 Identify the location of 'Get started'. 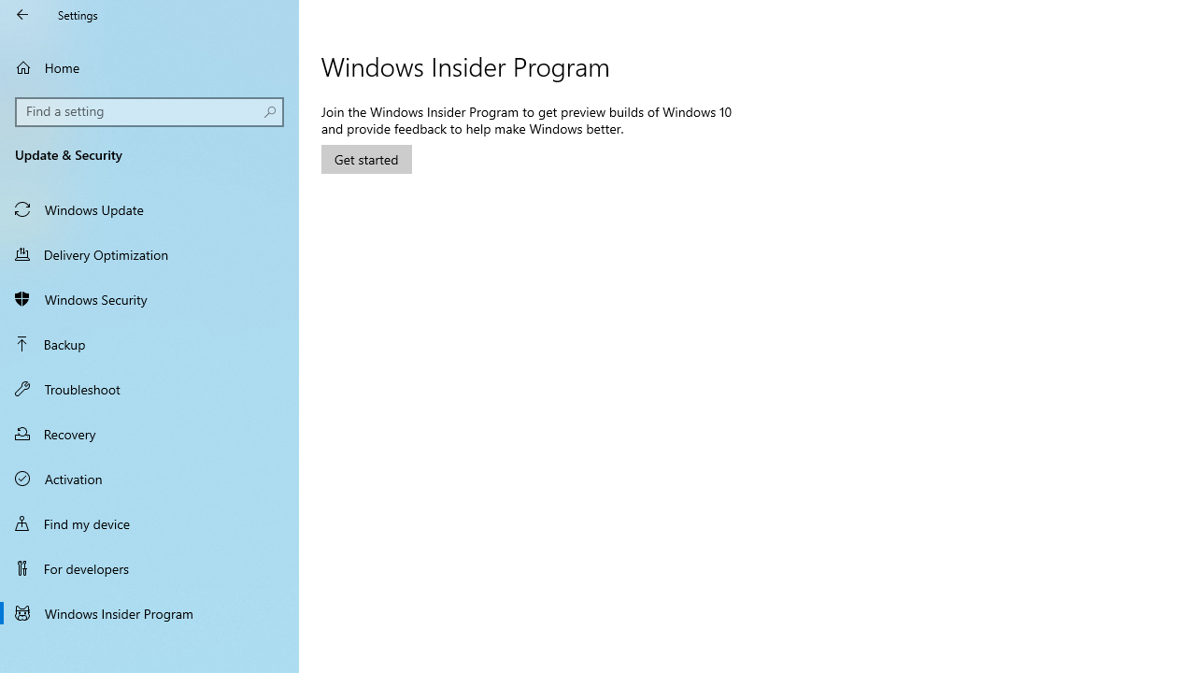
(366, 158).